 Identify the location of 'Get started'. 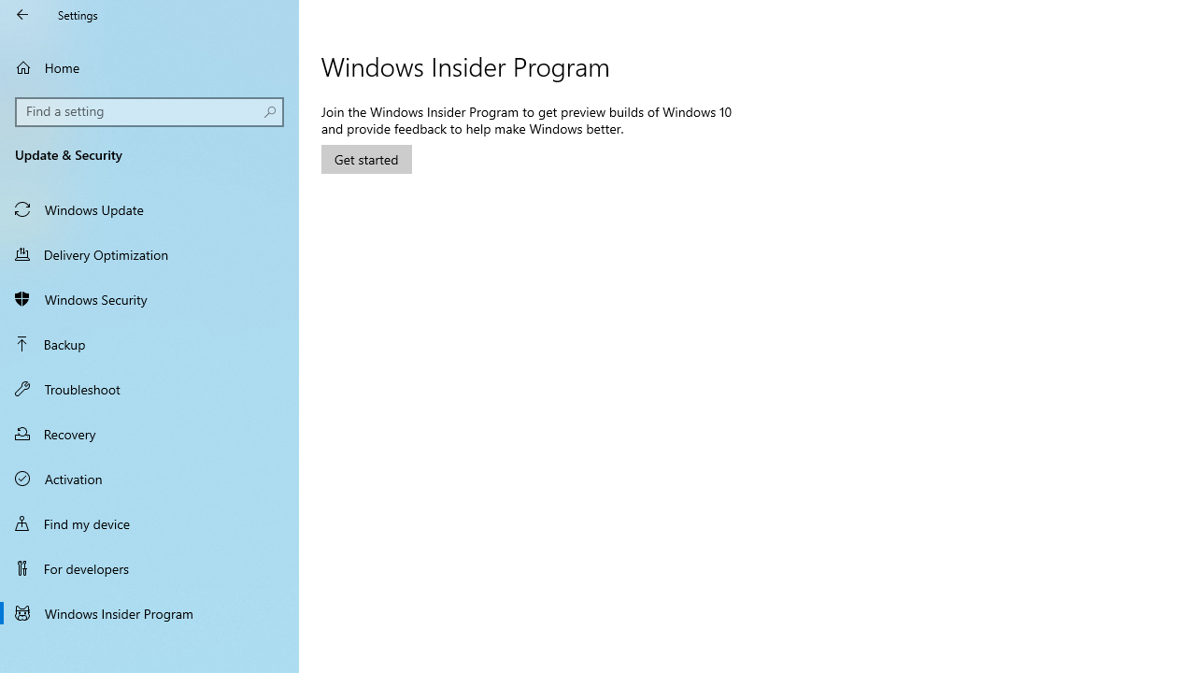
(366, 158).